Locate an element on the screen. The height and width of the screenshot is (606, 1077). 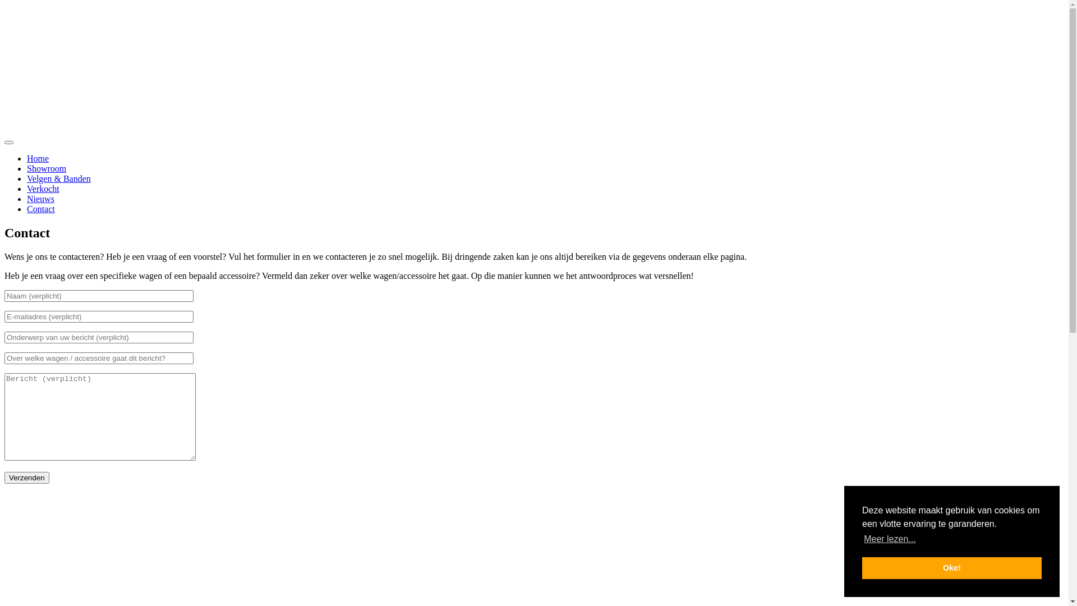
'Velgen & Banden' is located at coordinates (58, 178).